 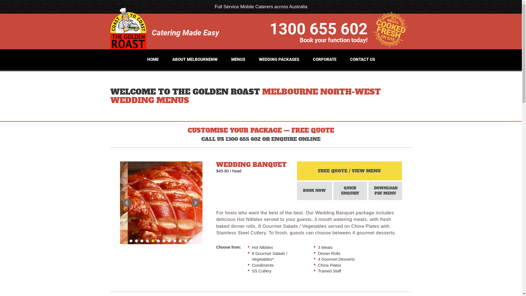 I want to click on '11', so click(x=185, y=241).